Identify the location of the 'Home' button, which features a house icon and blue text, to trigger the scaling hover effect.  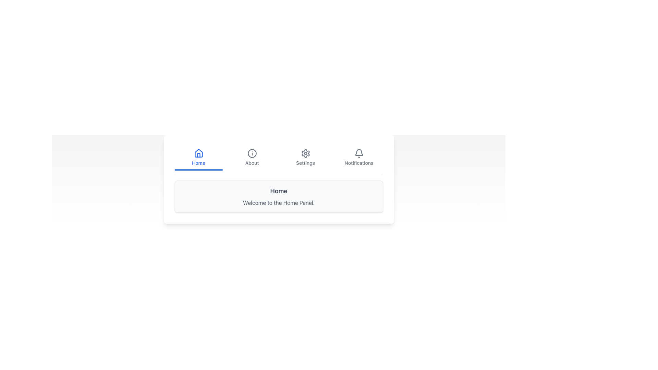
(198, 158).